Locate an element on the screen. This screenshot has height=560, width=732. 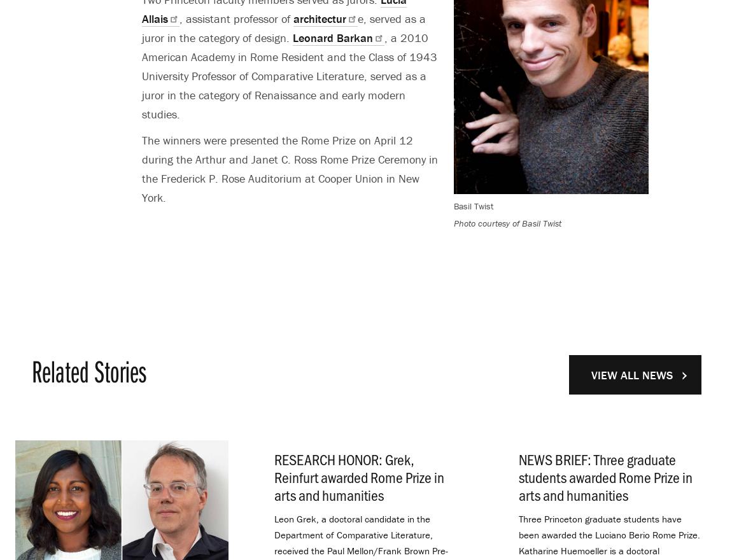
'Related Stories' is located at coordinates (88, 371).